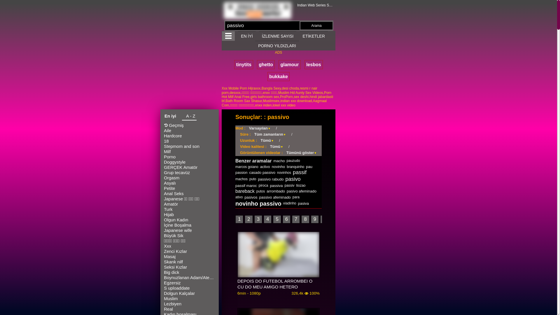 Image resolution: width=560 pixels, height=315 pixels. I want to click on 'putos', so click(256, 191).